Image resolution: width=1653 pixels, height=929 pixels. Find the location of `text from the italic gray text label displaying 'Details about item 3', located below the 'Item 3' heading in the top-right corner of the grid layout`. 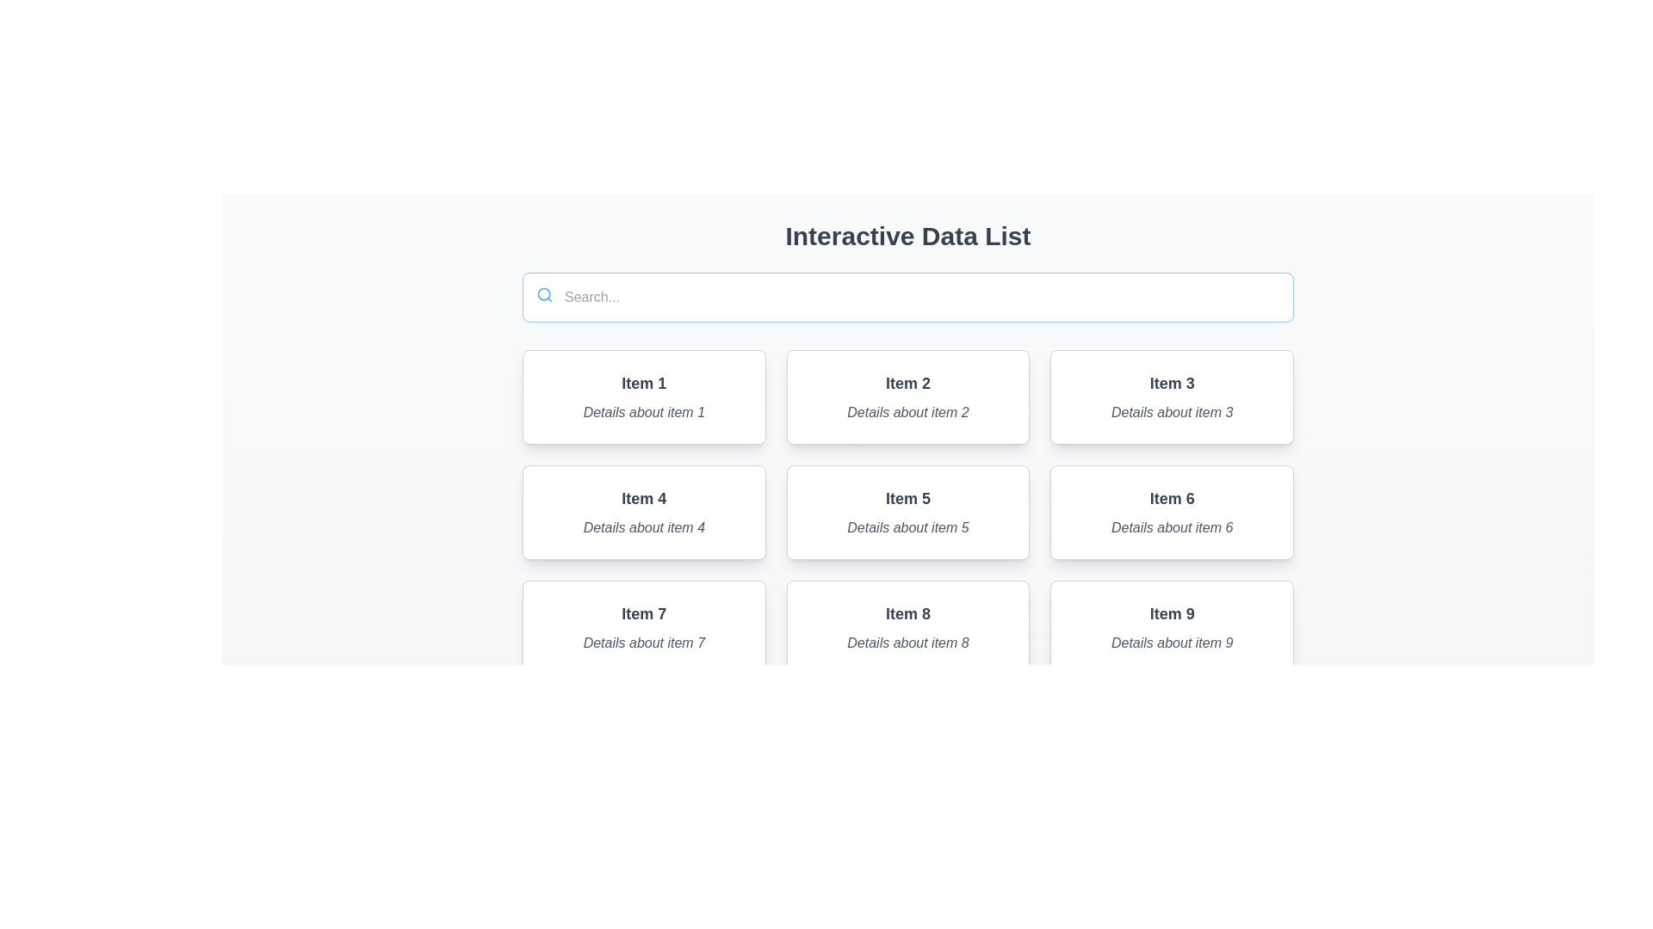

text from the italic gray text label displaying 'Details about item 3', located below the 'Item 3' heading in the top-right corner of the grid layout is located at coordinates (1171, 412).